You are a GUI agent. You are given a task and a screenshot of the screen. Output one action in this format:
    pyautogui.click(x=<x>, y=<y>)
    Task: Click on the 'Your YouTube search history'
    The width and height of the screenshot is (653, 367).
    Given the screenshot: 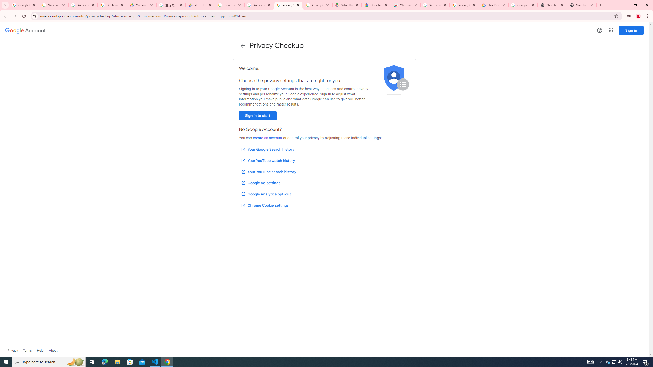 What is the action you would take?
    pyautogui.click(x=268, y=172)
    